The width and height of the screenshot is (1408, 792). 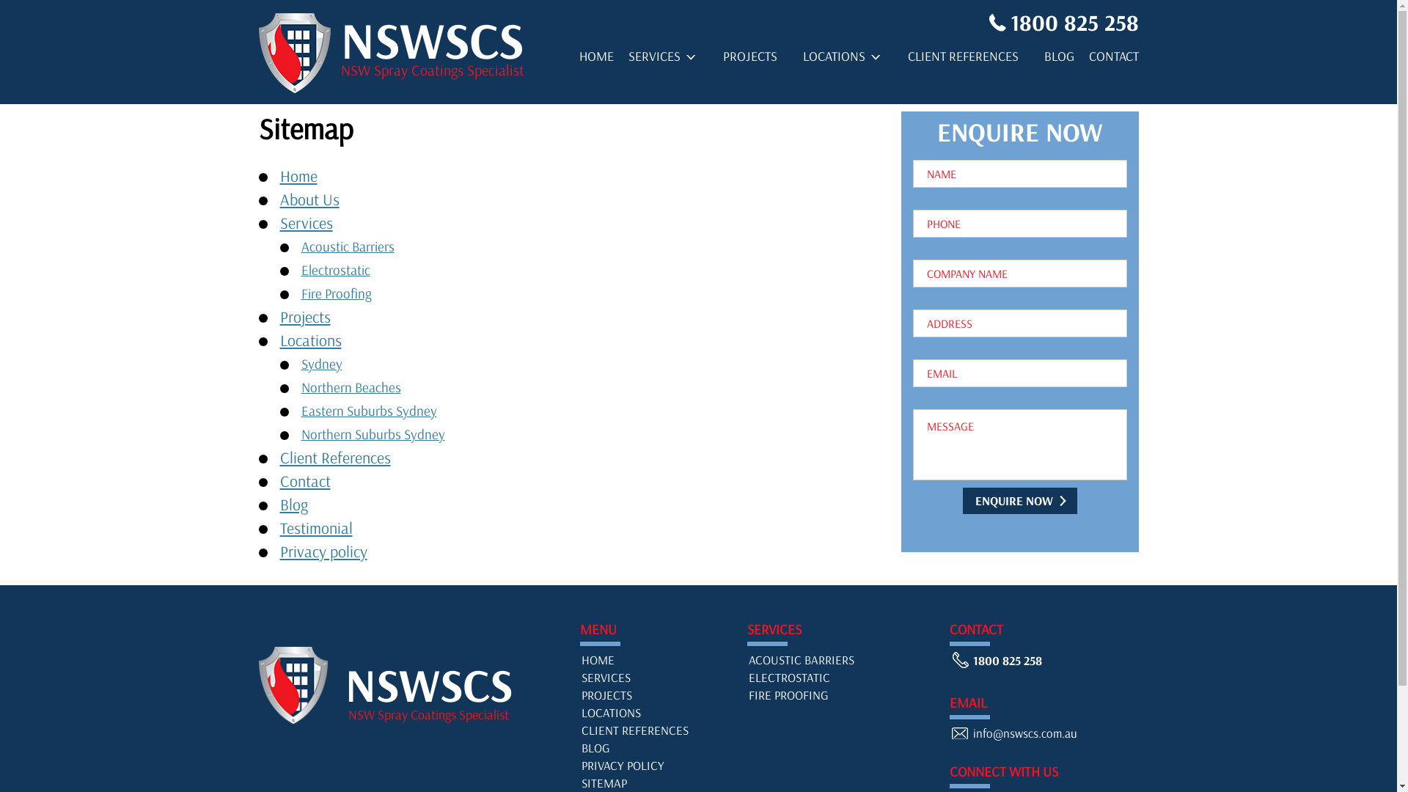 What do you see at coordinates (376, 410) in the screenshot?
I see `'Eastern Suburbs Sydney'` at bounding box center [376, 410].